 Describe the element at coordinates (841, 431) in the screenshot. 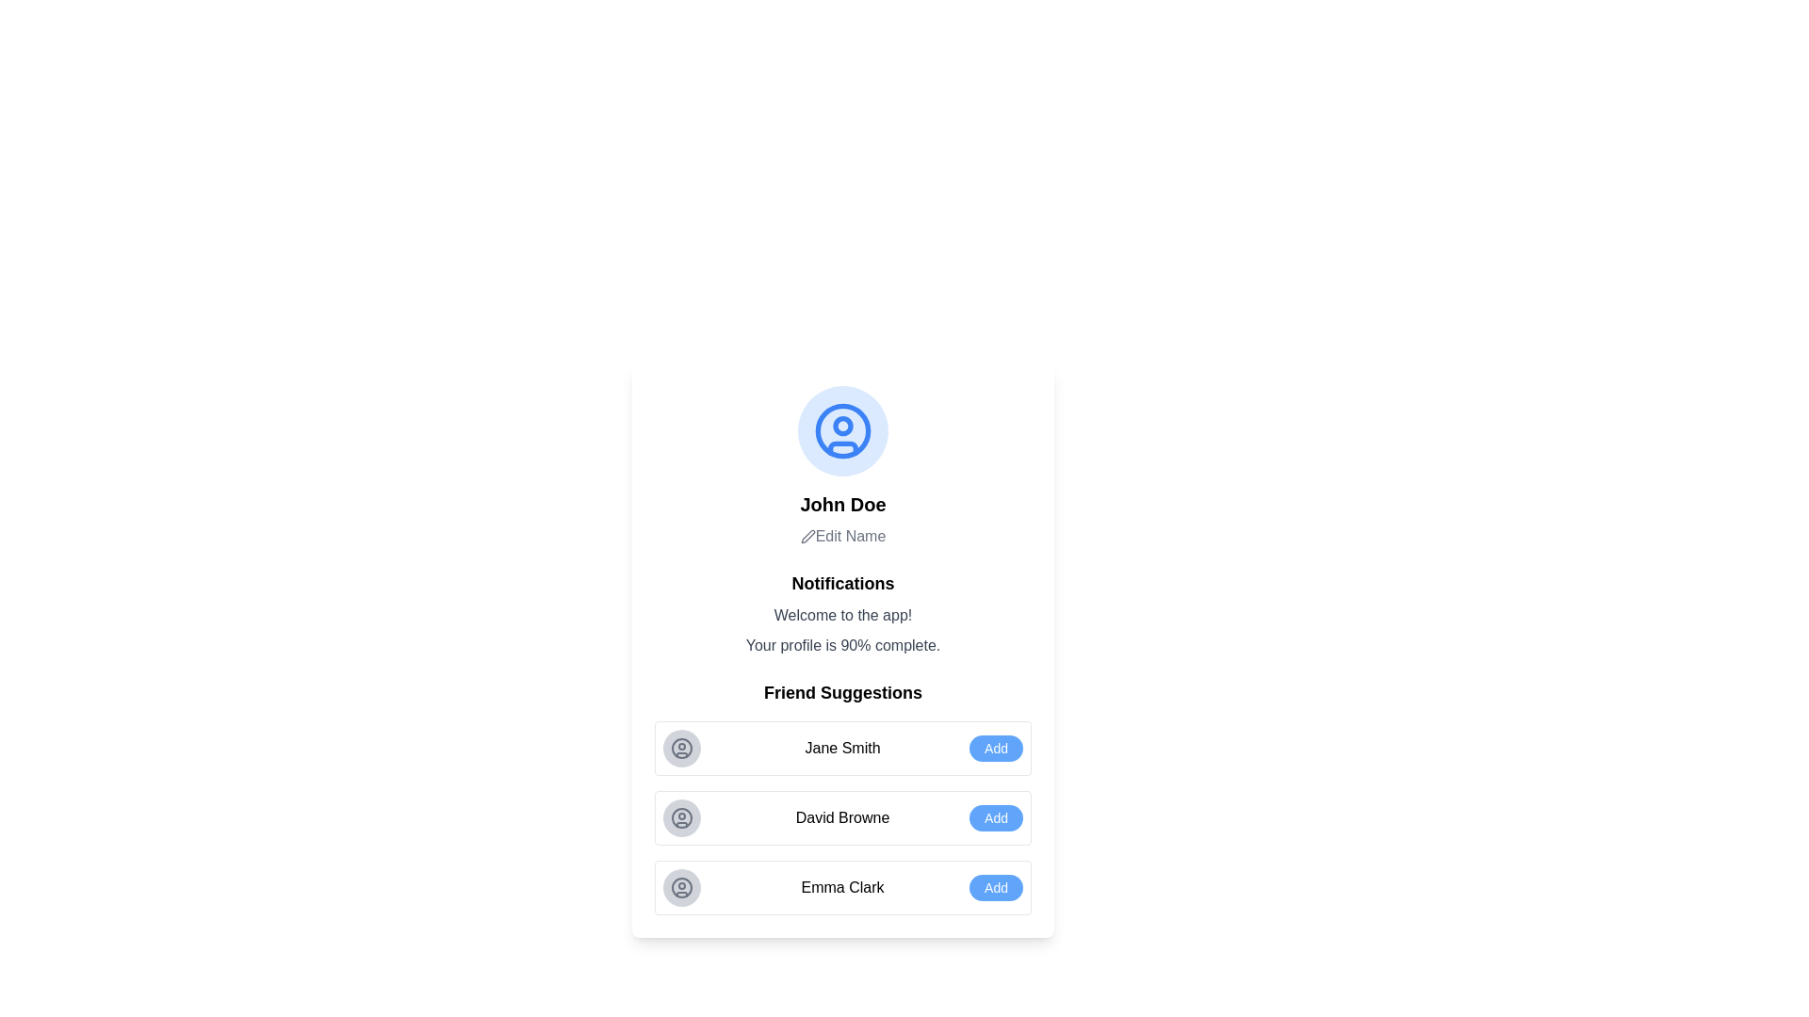

I see `the user profile icon representing 'John Doe', which is centrally located above the text` at that location.